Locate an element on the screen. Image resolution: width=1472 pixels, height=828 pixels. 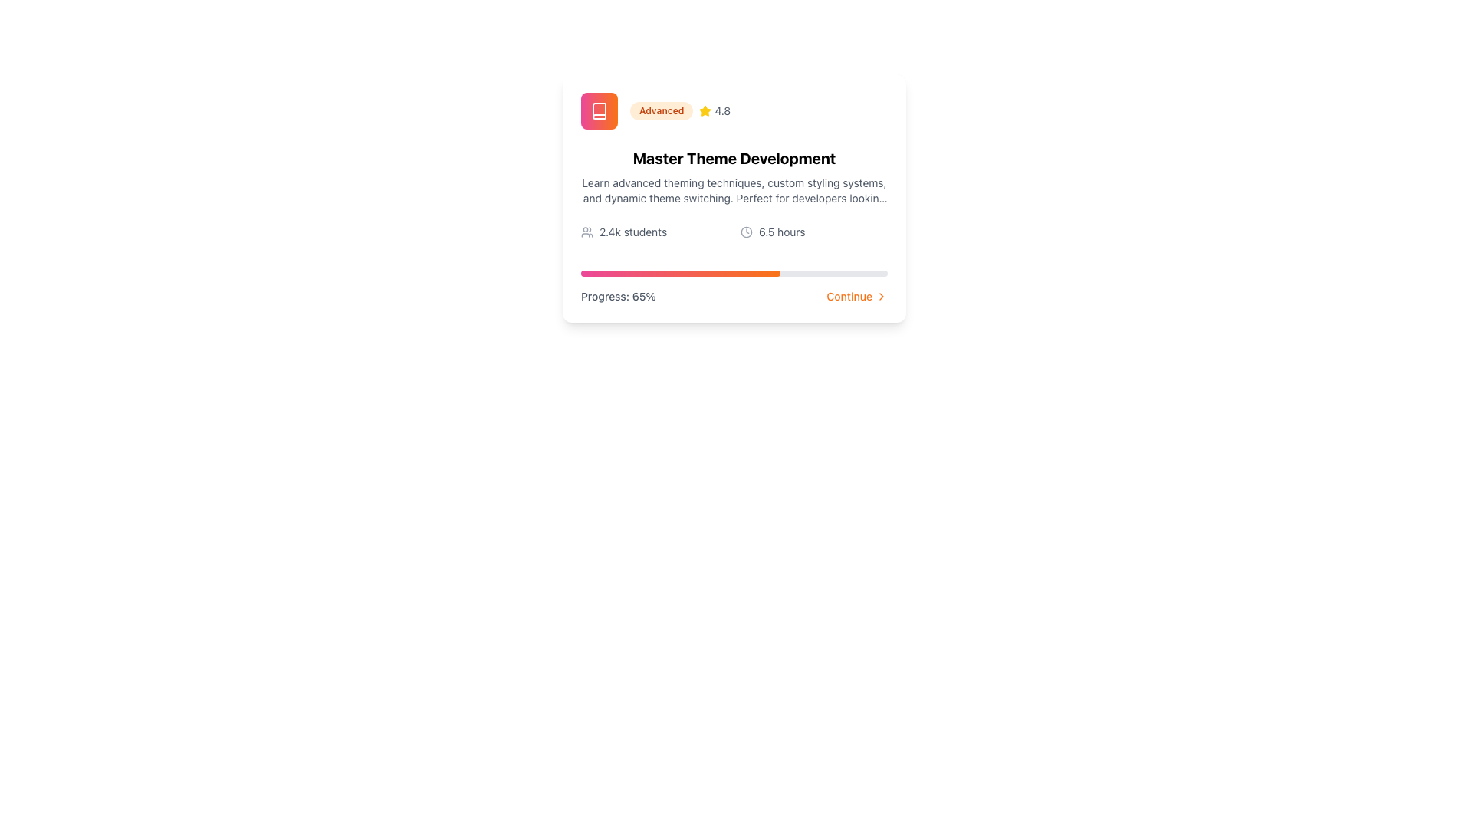
the information display text showing '2.4k students' and '6.5 hours' for potential tooltip is located at coordinates (734, 232).